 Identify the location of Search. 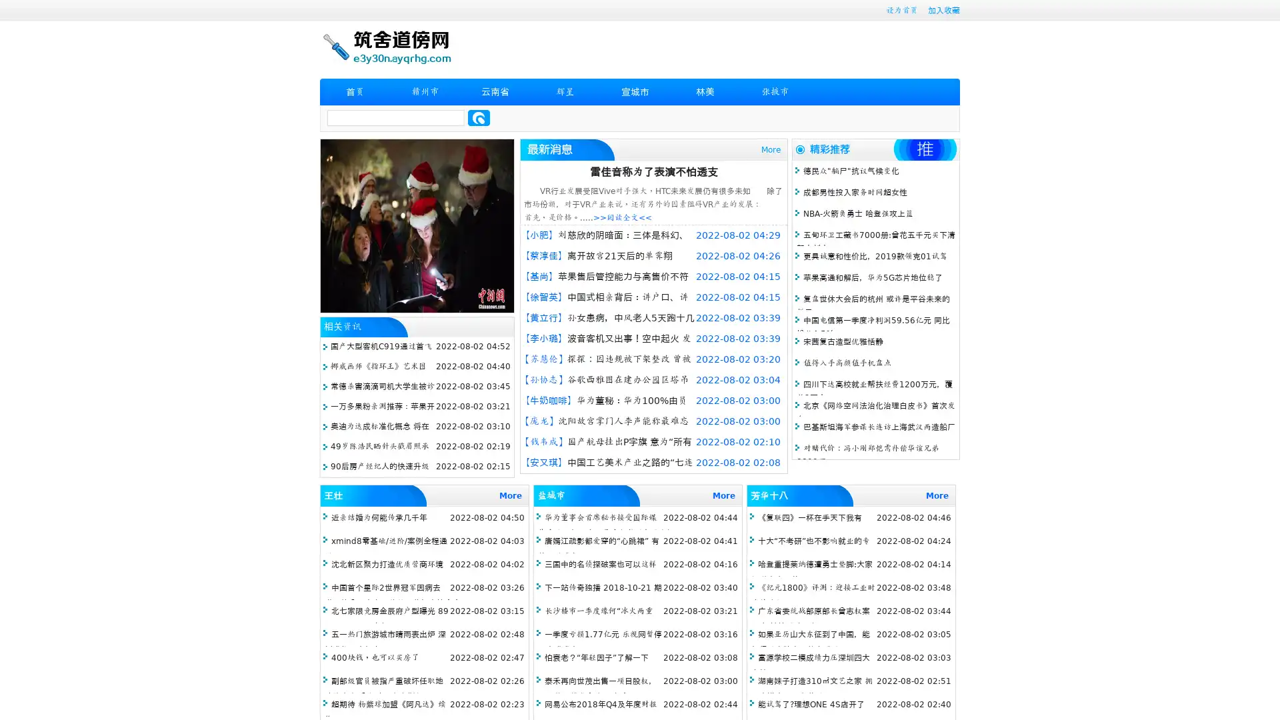
(479, 117).